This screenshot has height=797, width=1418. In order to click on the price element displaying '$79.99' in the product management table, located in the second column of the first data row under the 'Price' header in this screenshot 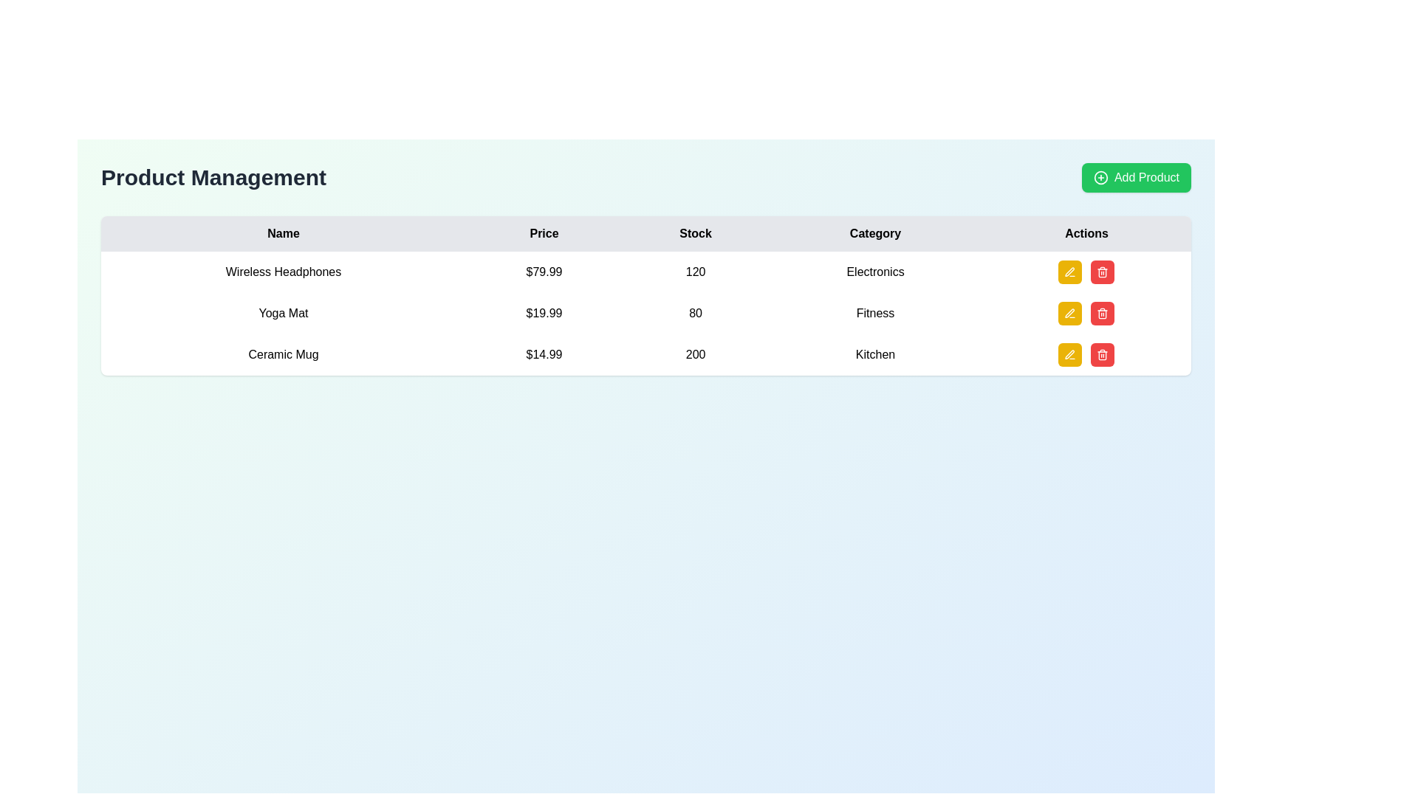, I will do `click(544, 272)`.